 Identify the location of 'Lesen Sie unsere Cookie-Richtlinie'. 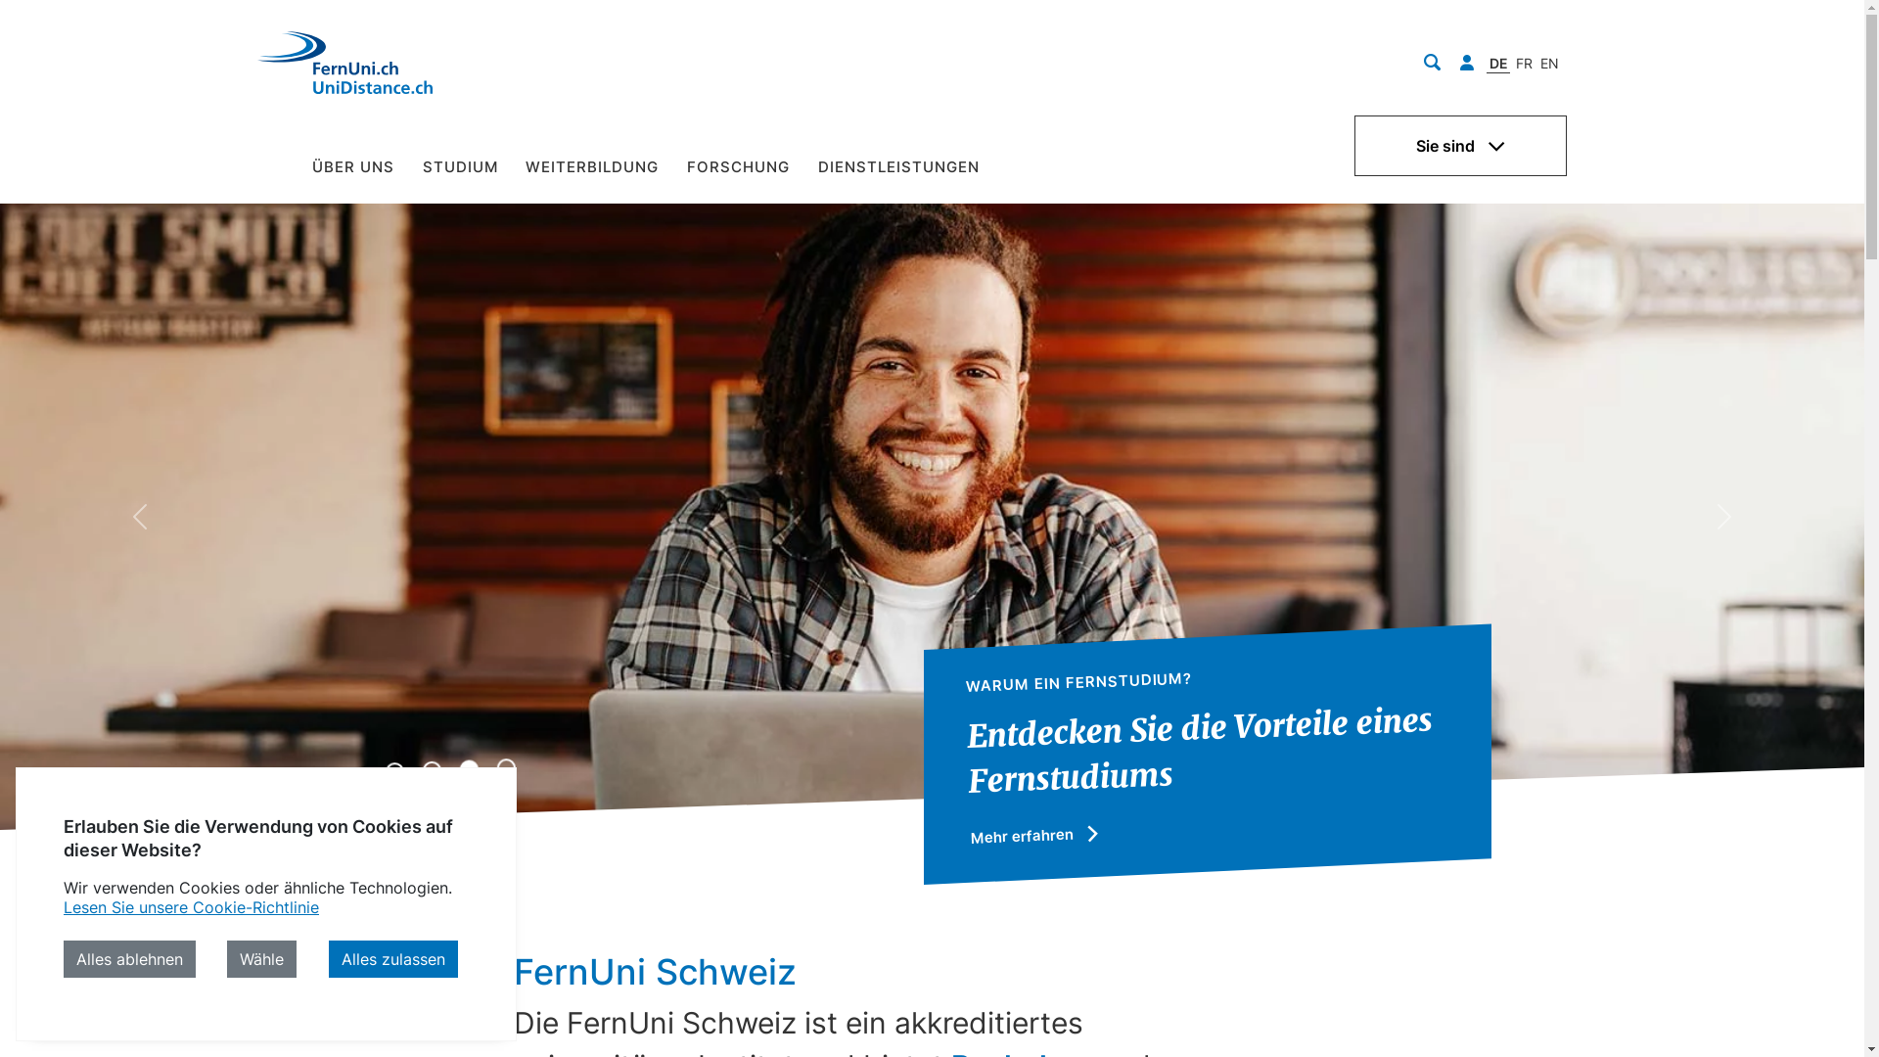
(191, 906).